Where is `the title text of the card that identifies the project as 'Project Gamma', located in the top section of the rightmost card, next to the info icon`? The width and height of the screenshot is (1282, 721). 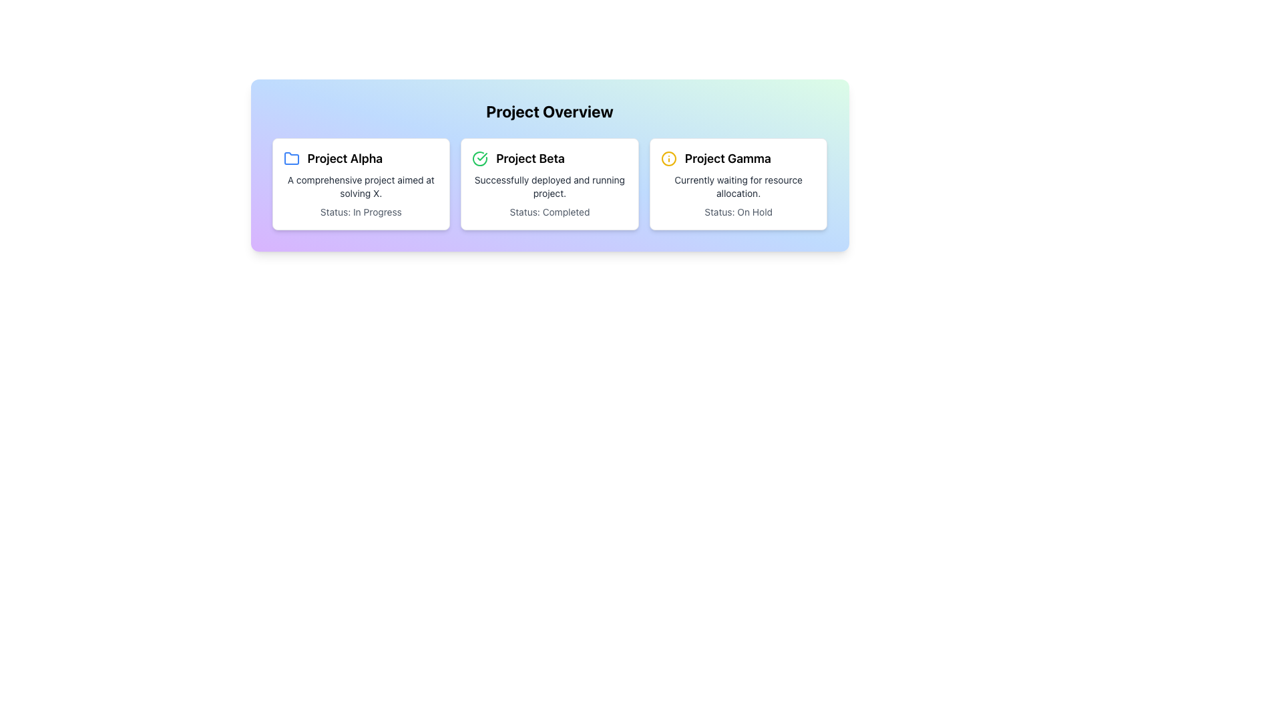
the title text of the card that identifies the project as 'Project Gamma', located in the top section of the rightmost card, next to the info icon is located at coordinates (727, 158).